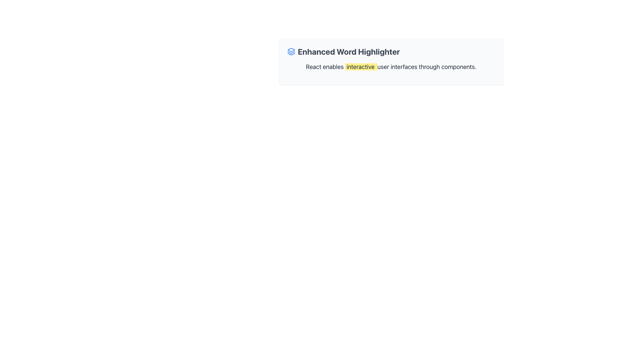  I want to click on the fifth word in the descriptive text label that is centered within the rectangular card, positioned between 'user' and 'through', so click(404, 67).